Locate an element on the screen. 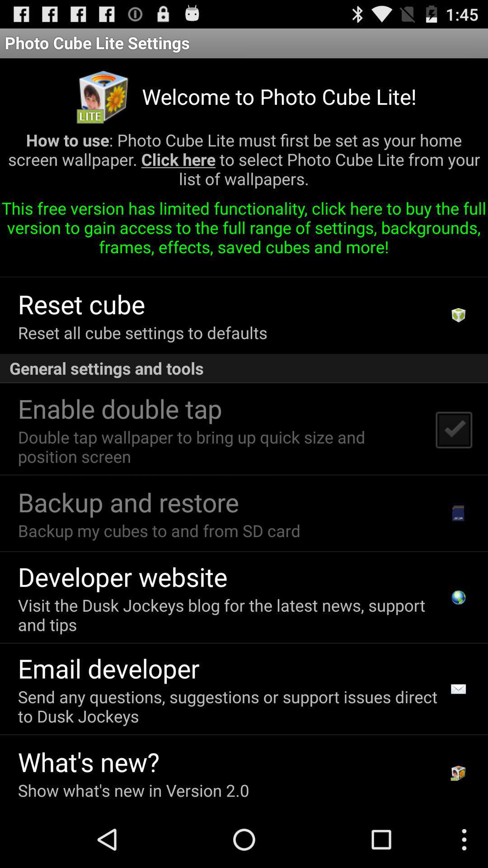 The image size is (488, 868). item above the enable double tap app is located at coordinates (244, 368).